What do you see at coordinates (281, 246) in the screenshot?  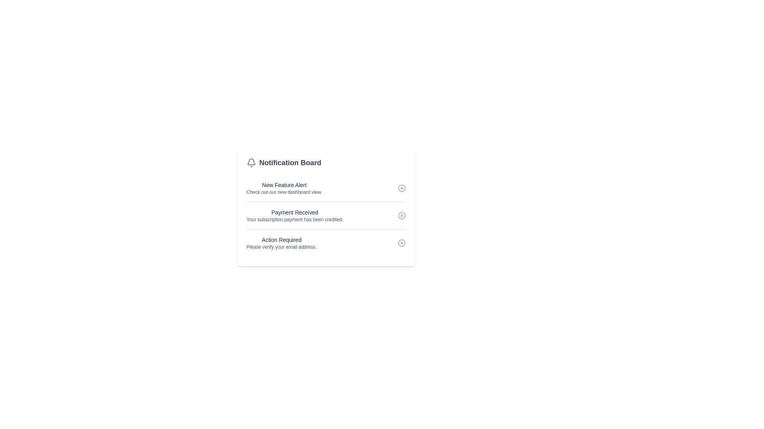 I see `the informational text label that instructs users to verify their email address, positioned below 'Action Required' in the notification panel` at bounding box center [281, 246].